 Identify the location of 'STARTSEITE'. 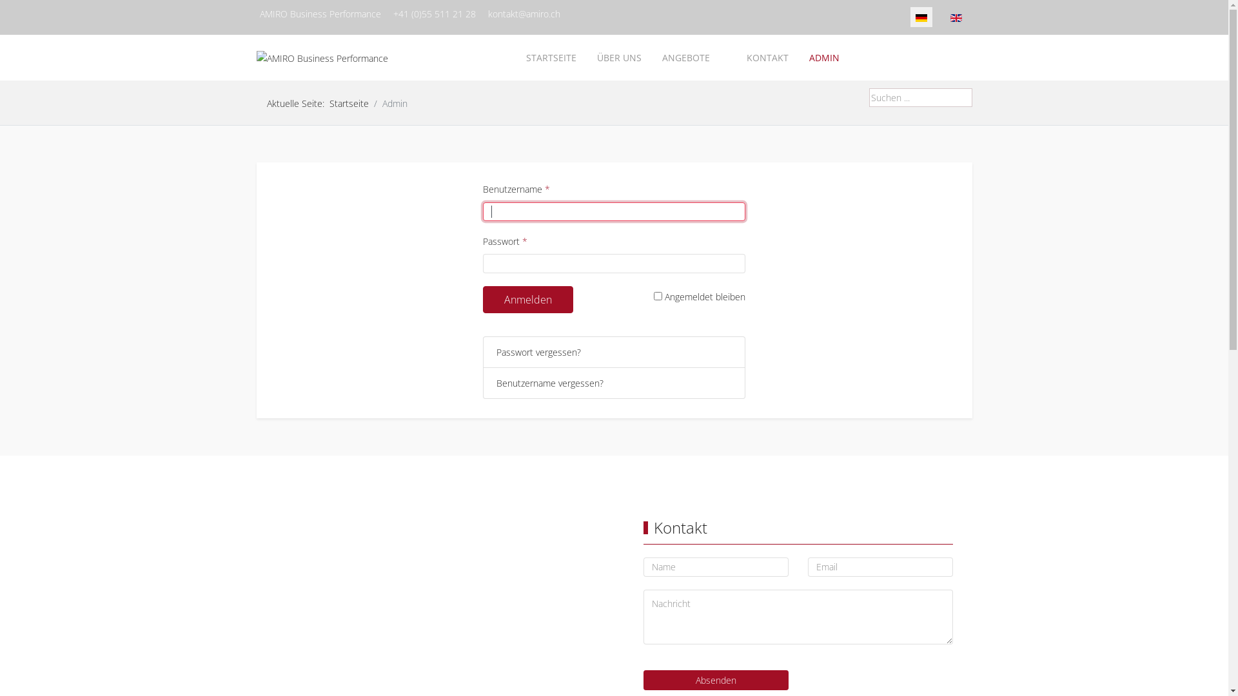
(551, 57).